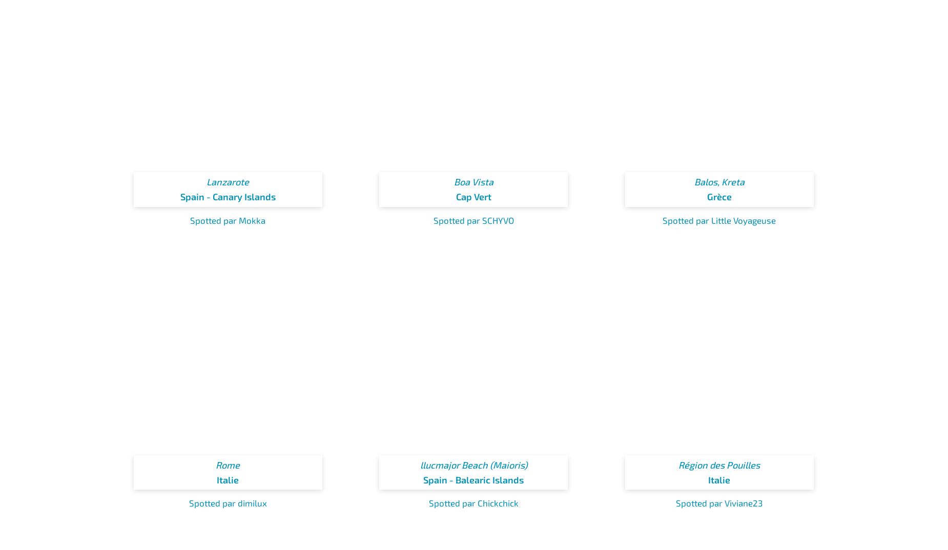 The image size is (948, 550). I want to click on 'Balos, Kreta', so click(719, 181).